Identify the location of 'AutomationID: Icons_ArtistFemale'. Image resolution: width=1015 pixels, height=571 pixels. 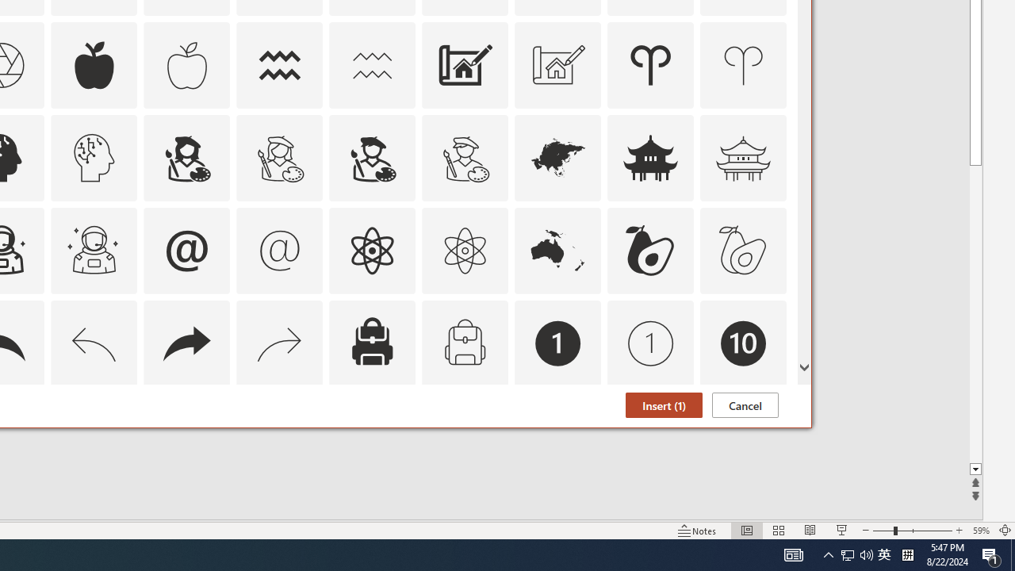
(186, 157).